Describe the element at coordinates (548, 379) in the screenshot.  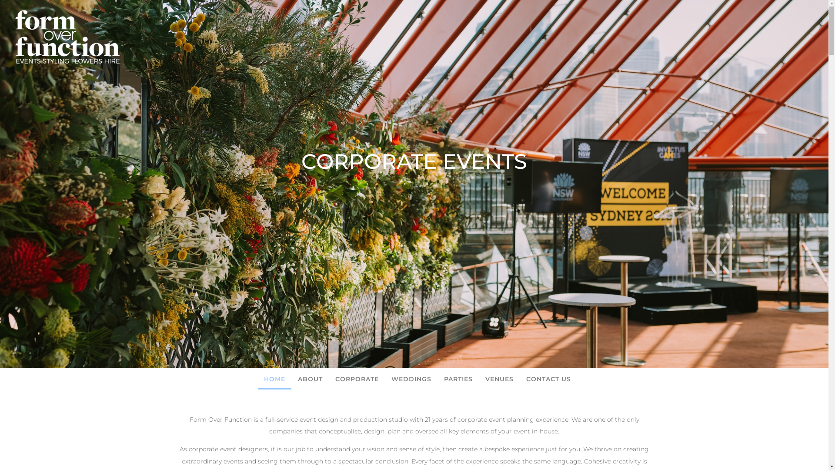
I see `'CONTACT US'` at that location.